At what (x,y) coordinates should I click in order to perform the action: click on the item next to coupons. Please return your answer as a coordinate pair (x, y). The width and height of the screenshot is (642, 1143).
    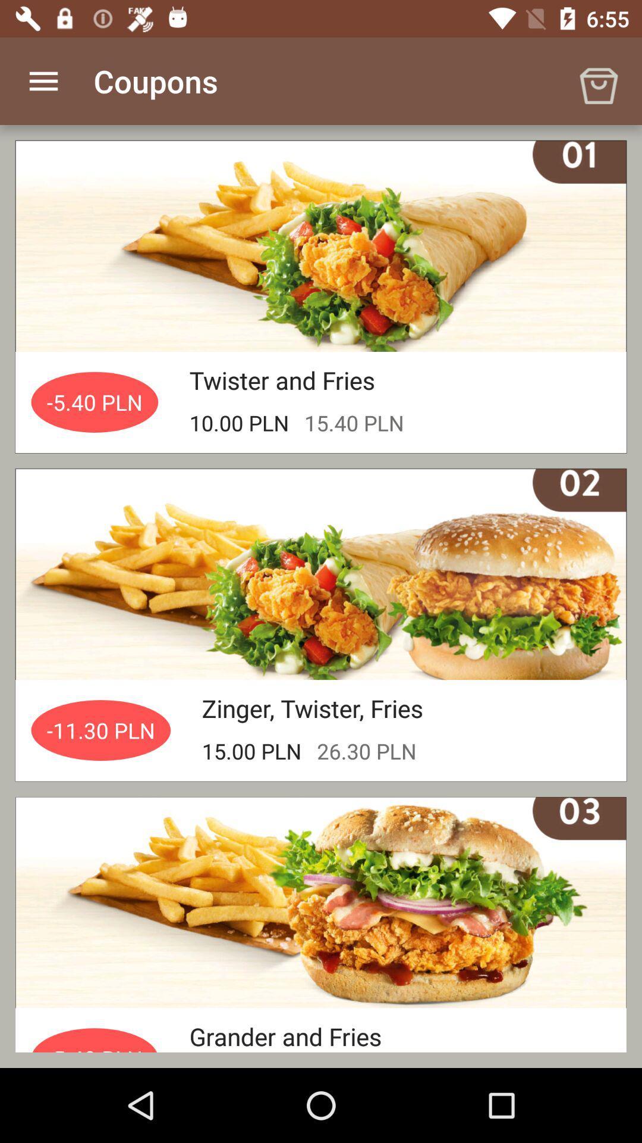
    Looking at the image, I should click on (43, 80).